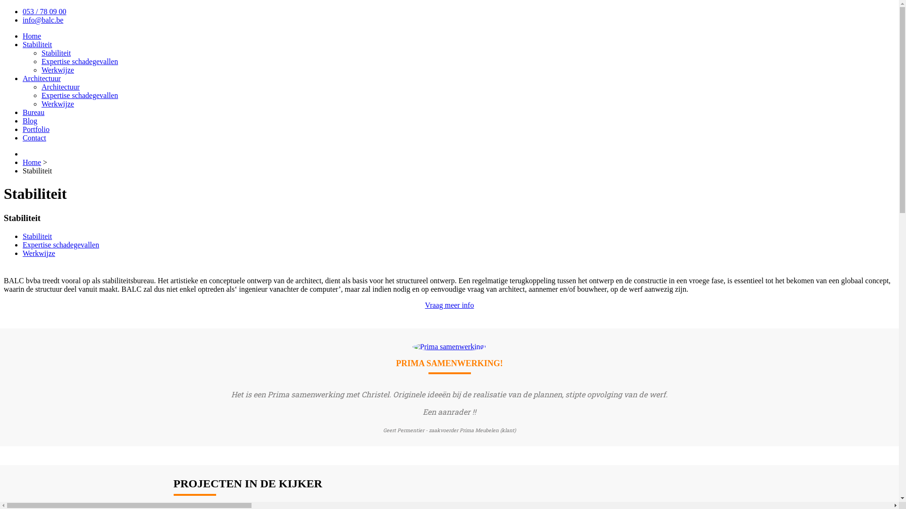  I want to click on 'Werkwijze', so click(57, 104).